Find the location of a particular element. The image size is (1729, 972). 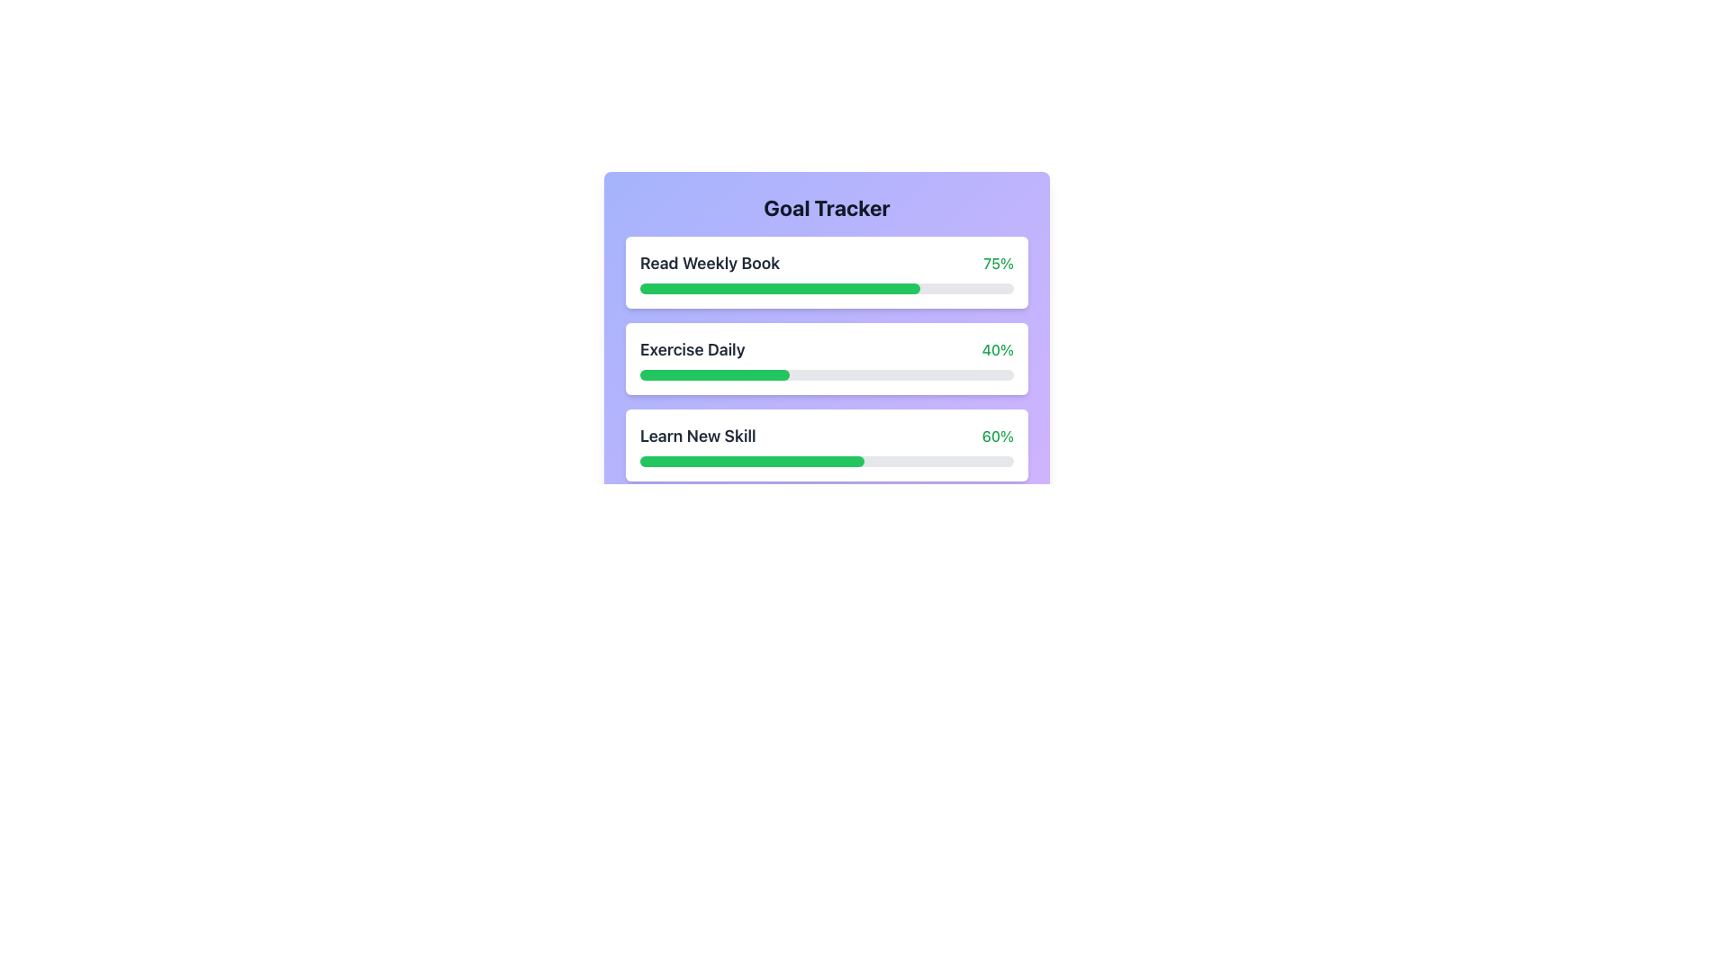

the percentage progress of the Progress Tracker element, which displays '75%' in green on a white background with a progress bar is located at coordinates (826, 273).